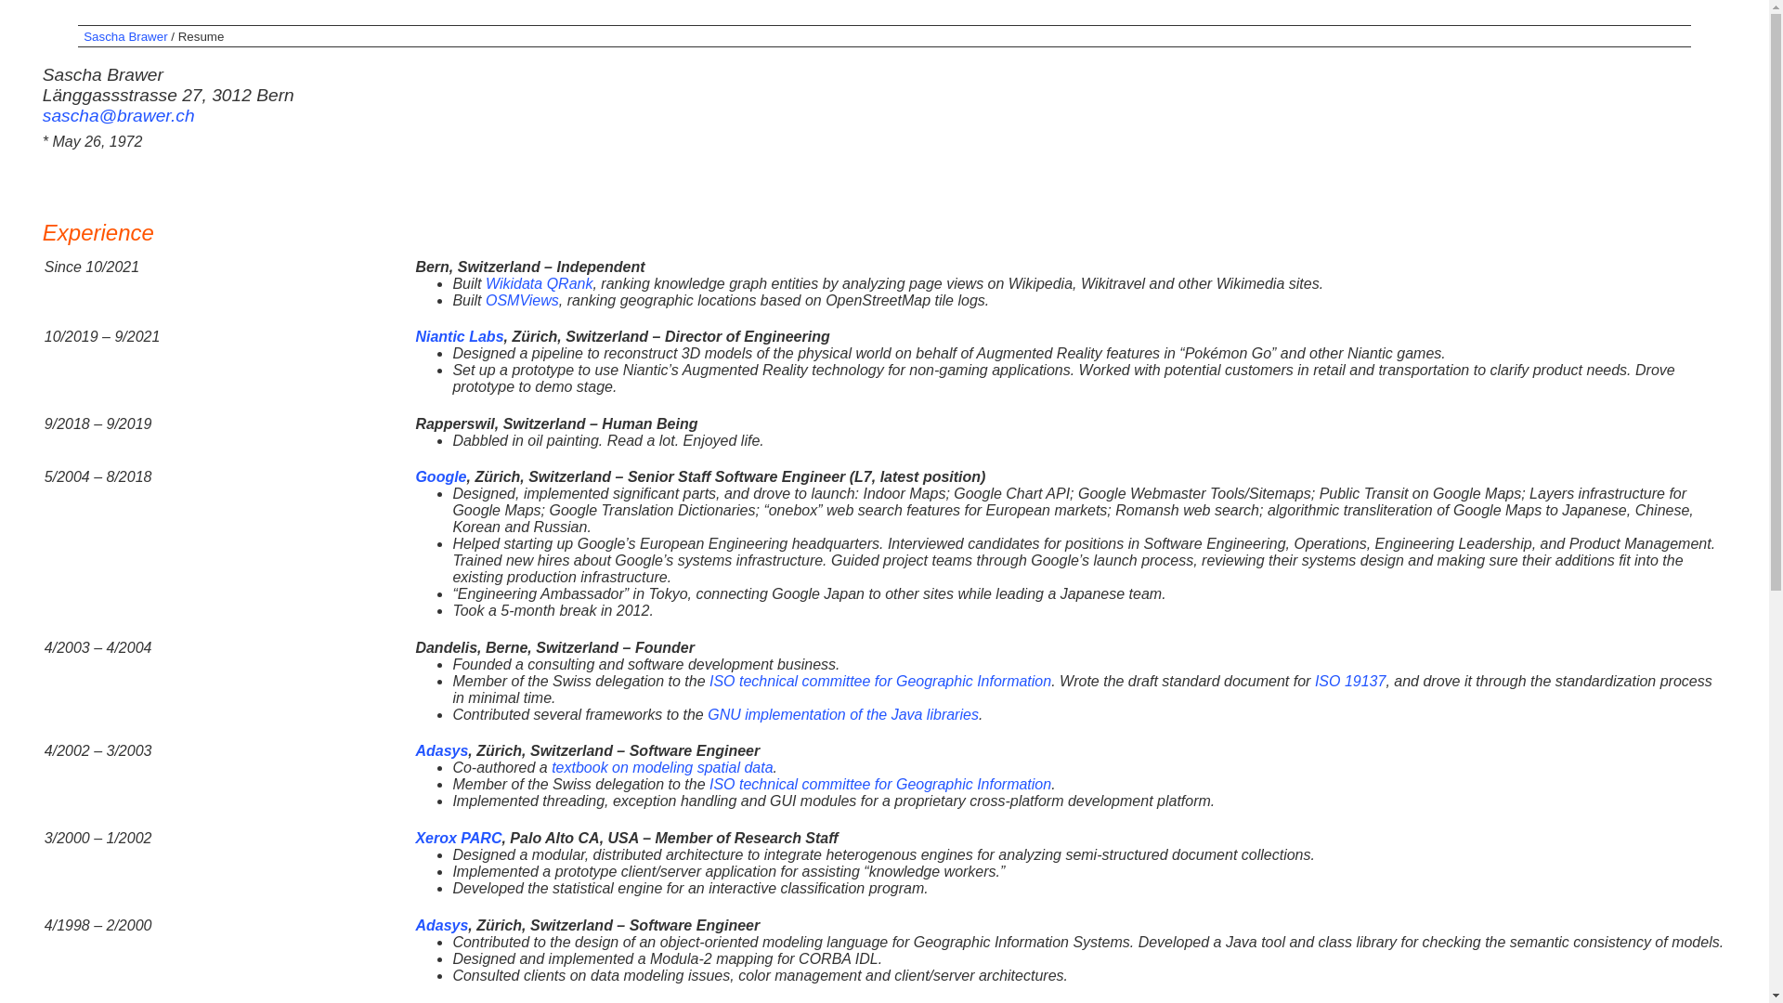  Describe the element at coordinates (440, 925) in the screenshot. I see `'Adasys'` at that location.